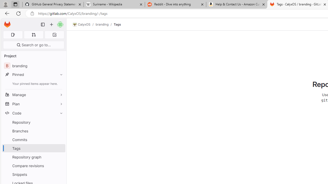 The width and height of the screenshot is (328, 184). What do you see at coordinates (33, 65) in the screenshot?
I see `'B branding'` at bounding box center [33, 65].